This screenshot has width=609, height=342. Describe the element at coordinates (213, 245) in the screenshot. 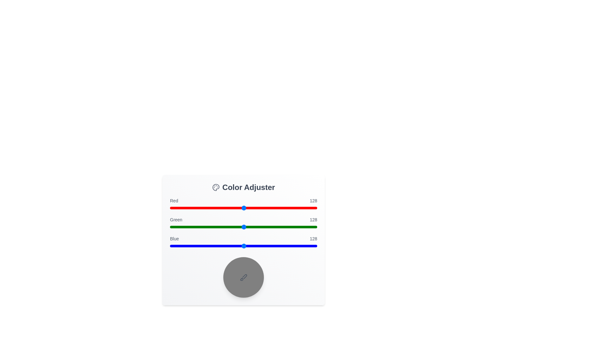

I see `the blue slider to set its value to 75` at that location.